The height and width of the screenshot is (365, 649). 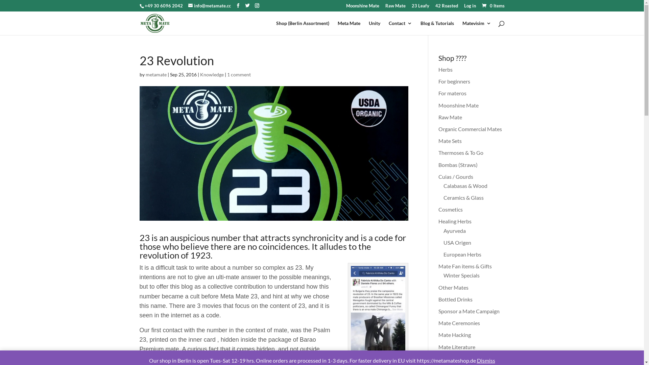 What do you see at coordinates (443, 254) in the screenshot?
I see `'European Herbs'` at bounding box center [443, 254].